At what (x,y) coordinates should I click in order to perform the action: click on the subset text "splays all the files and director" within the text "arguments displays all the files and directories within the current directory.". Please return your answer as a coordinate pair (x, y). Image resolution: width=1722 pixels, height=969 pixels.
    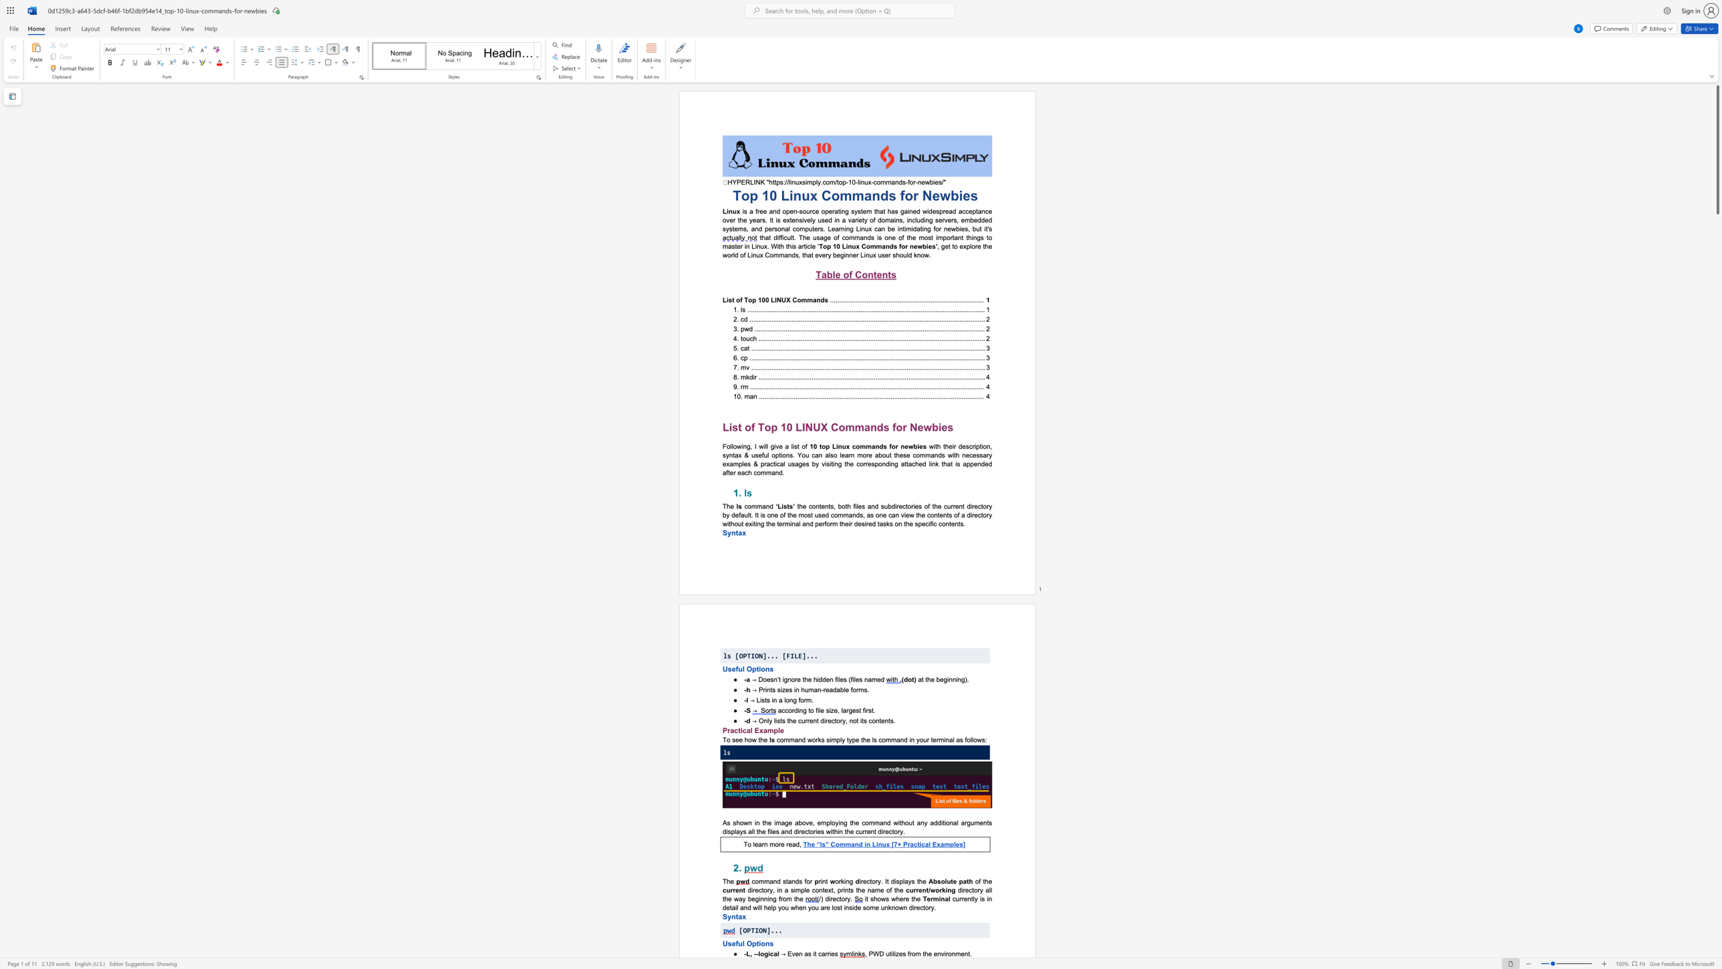
    Looking at the image, I should click on (727, 831).